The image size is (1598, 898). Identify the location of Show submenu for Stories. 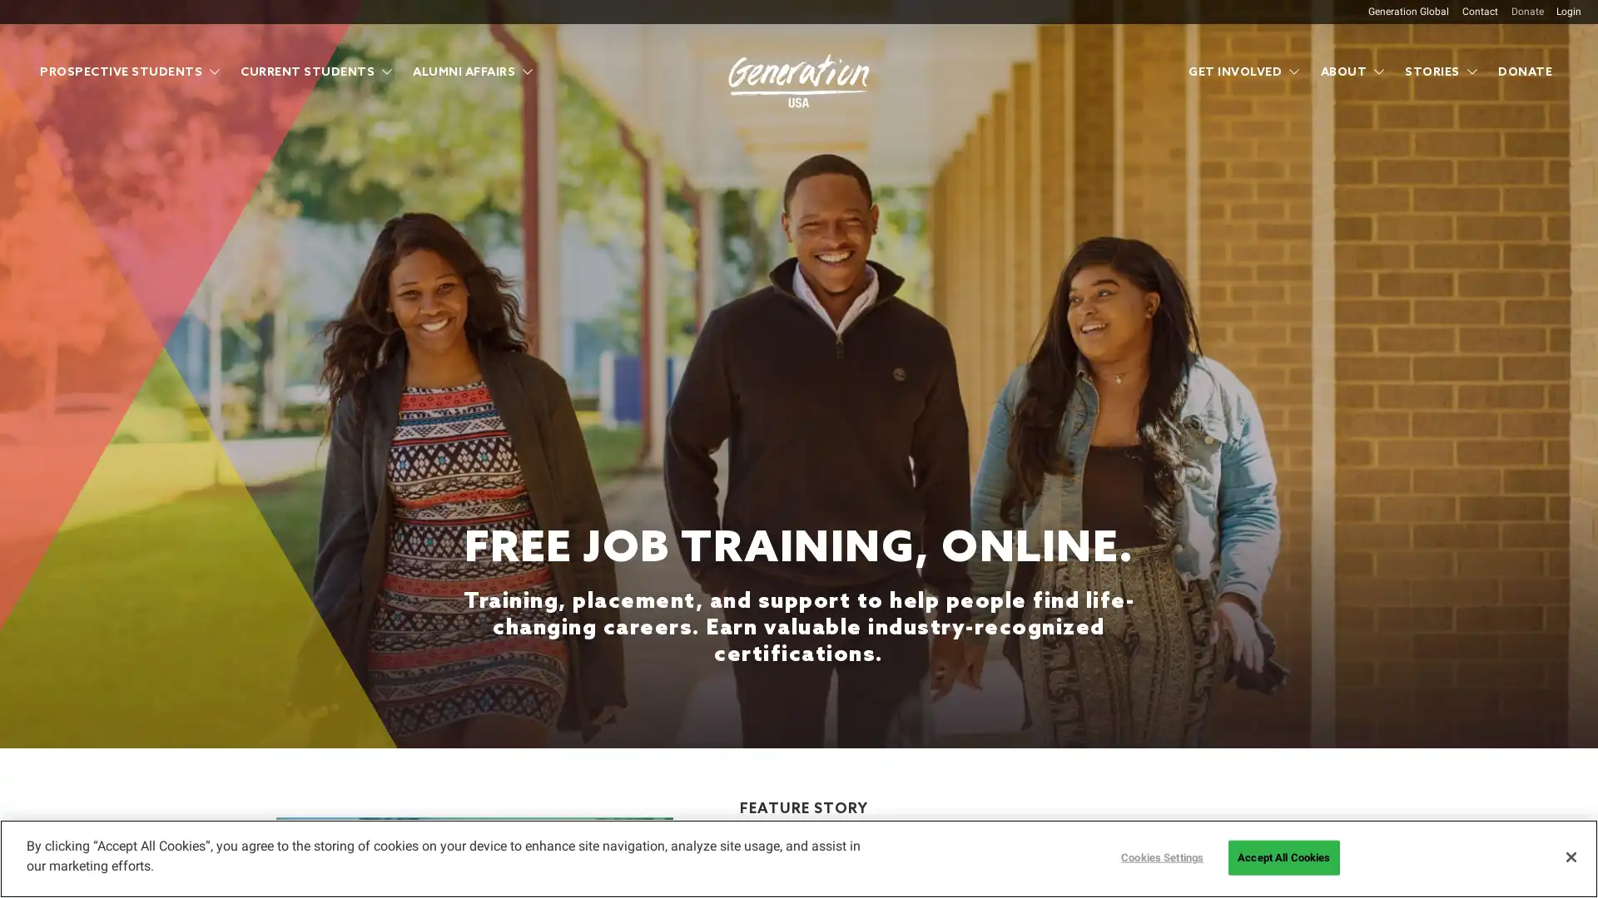
(1471, 71).